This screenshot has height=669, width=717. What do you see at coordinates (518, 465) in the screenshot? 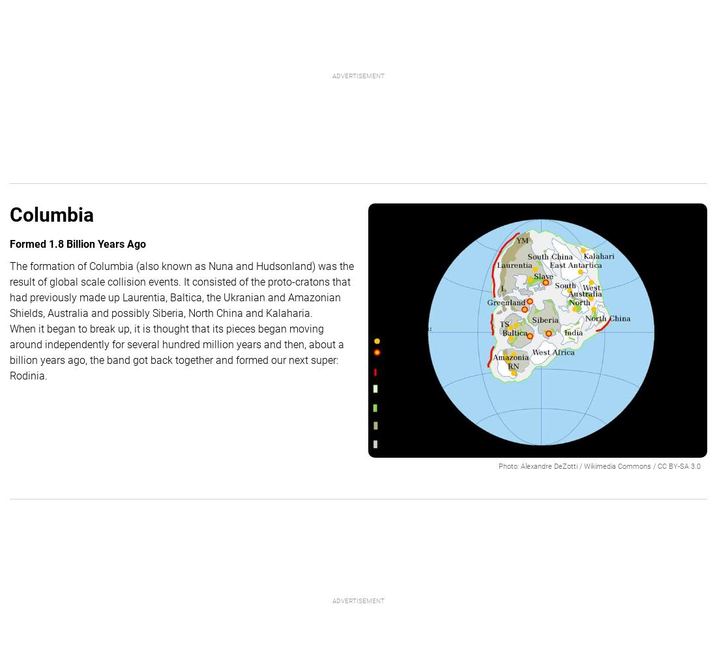
I see `':'` at bounding box center [518, 465].